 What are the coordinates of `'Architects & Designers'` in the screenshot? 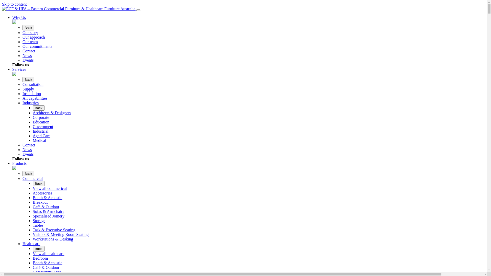 It's located at (52, 112).